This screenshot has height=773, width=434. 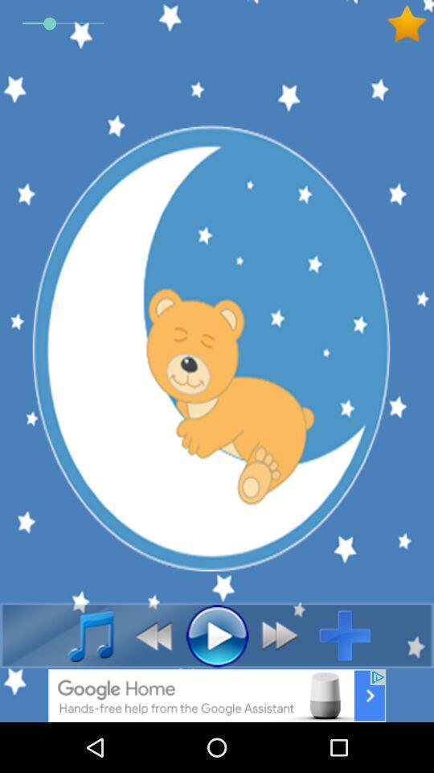 I want to click on song, so click(x=82, y=635).